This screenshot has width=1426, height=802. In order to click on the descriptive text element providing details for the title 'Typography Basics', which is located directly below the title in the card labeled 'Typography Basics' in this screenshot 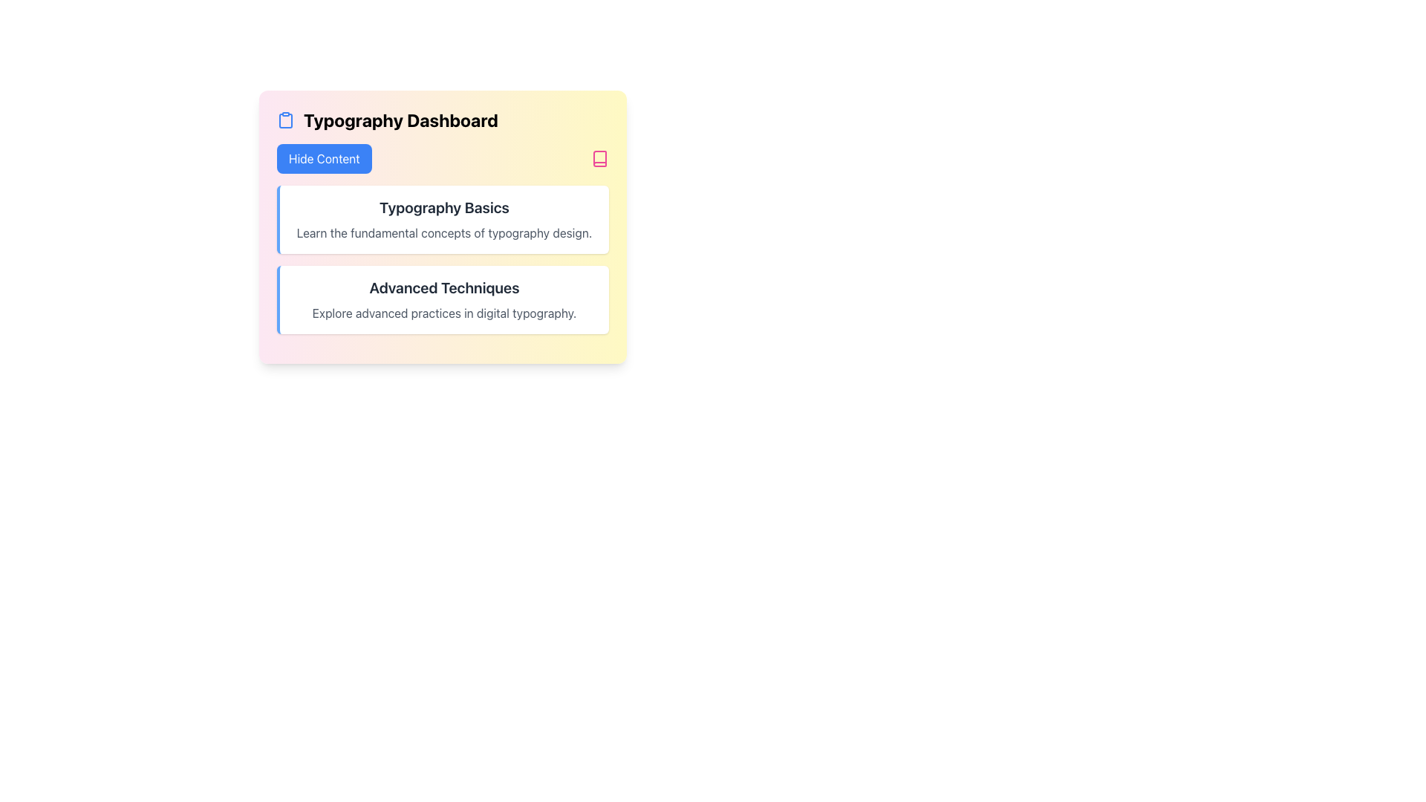, I will do `click(443, 232)`.